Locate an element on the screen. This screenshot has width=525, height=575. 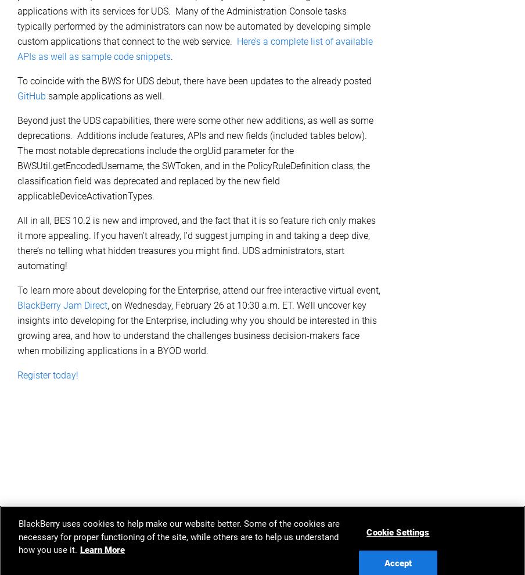
'sample applications as well.' is located at coordinates (105, 95).